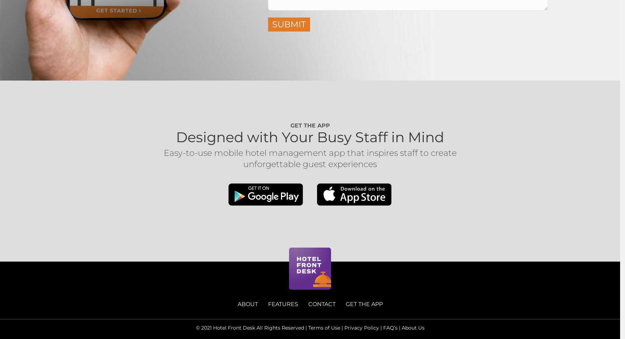 The width and height of the screenshot is (625, 339). Describe the element at coordinates (282, 304) in the screenshot. I see `'FEATURES'` at that location.